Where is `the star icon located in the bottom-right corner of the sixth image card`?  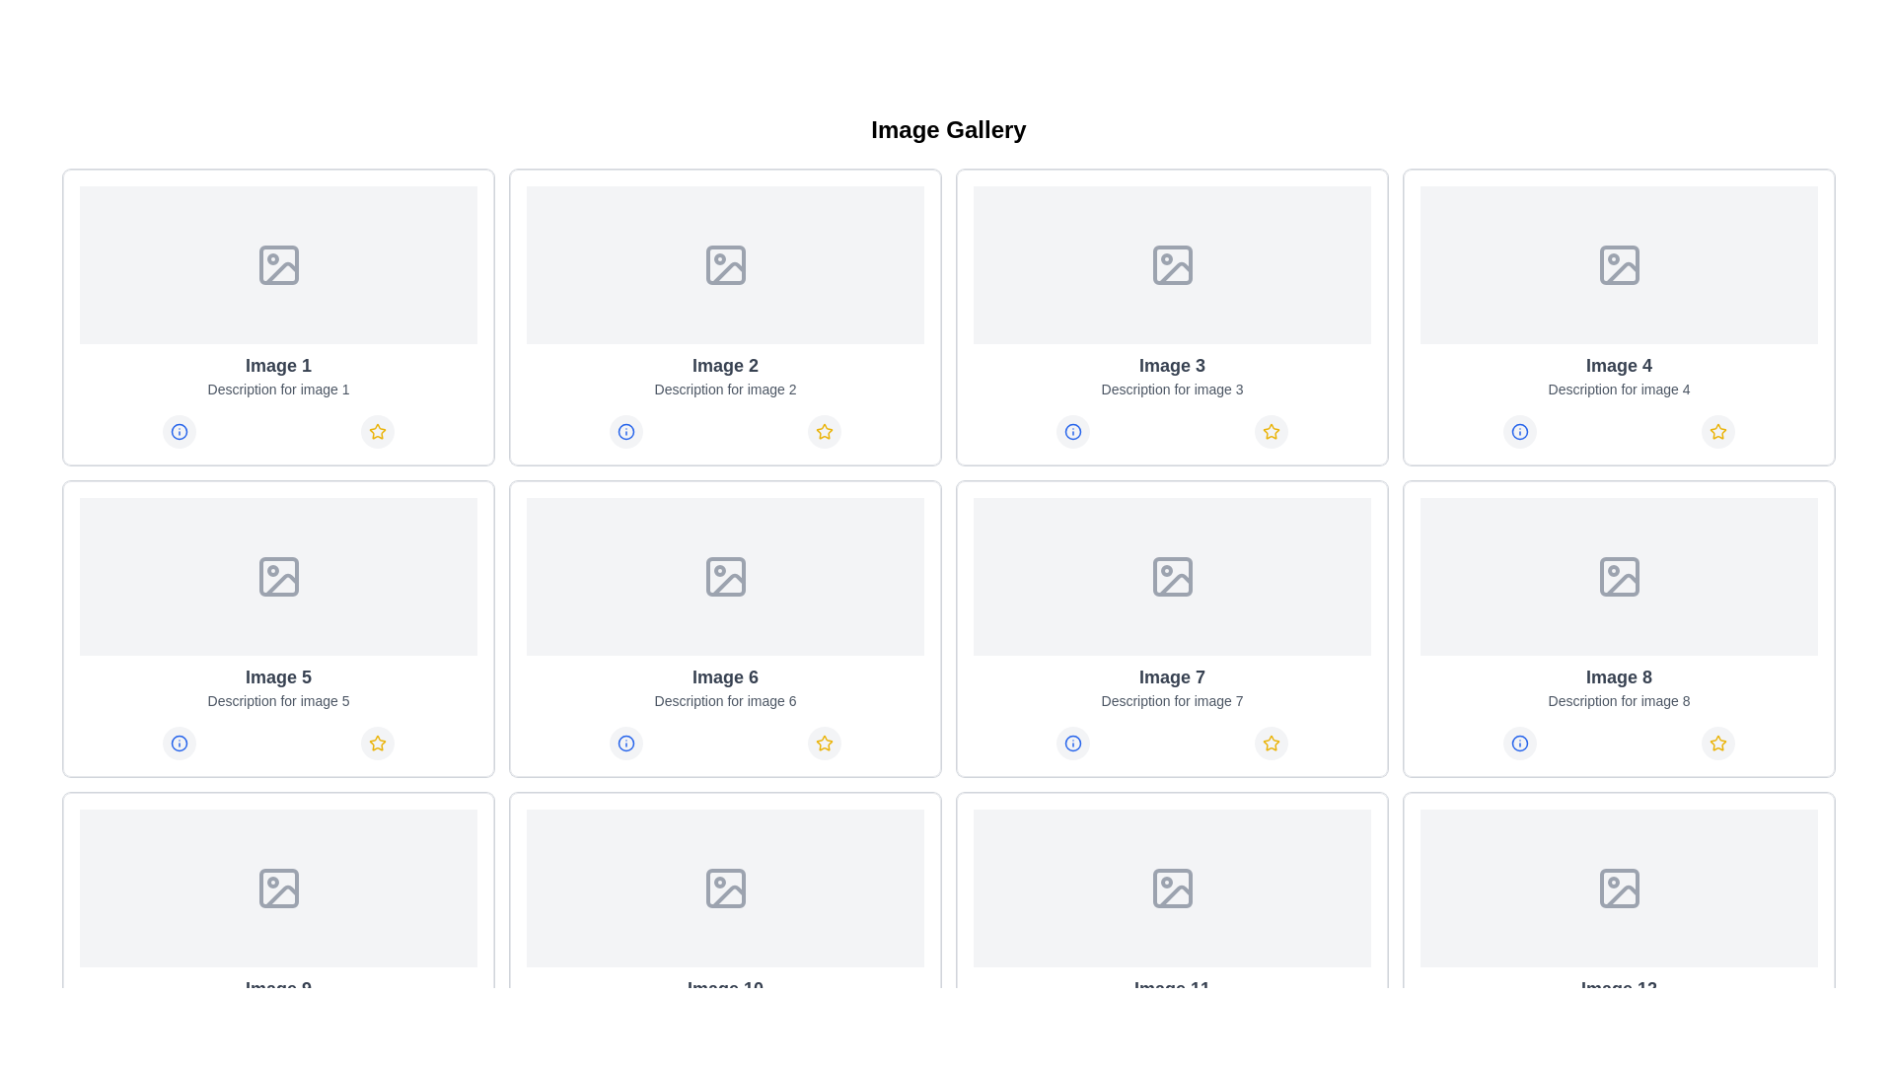 the star icon located in the bottom-right corner of the sixth image card is located at coordinates (825, 743).